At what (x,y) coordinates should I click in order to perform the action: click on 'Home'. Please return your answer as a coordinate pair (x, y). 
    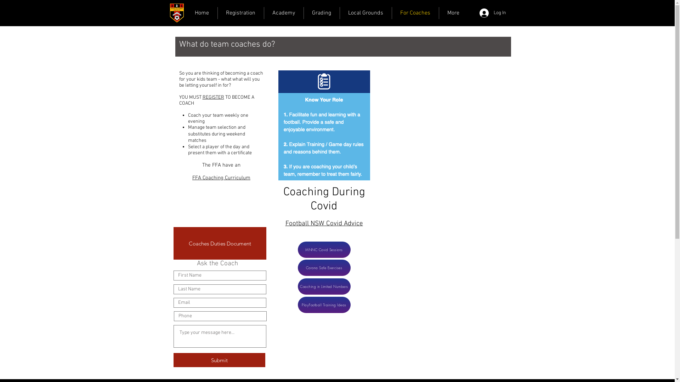
    Looking at the image, I should click on (201, 13).